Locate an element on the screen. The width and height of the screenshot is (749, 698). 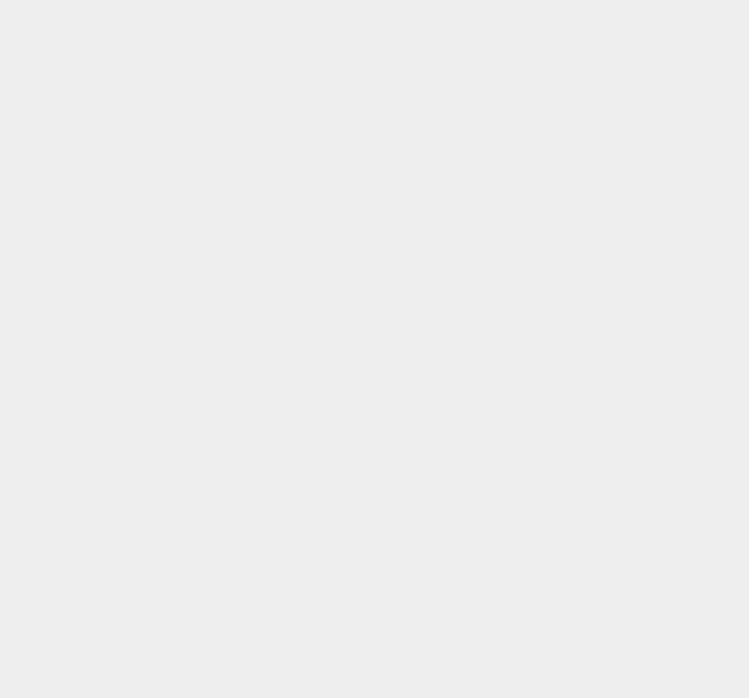
'Android Nougat‬' is located at coordinates (561, 610).